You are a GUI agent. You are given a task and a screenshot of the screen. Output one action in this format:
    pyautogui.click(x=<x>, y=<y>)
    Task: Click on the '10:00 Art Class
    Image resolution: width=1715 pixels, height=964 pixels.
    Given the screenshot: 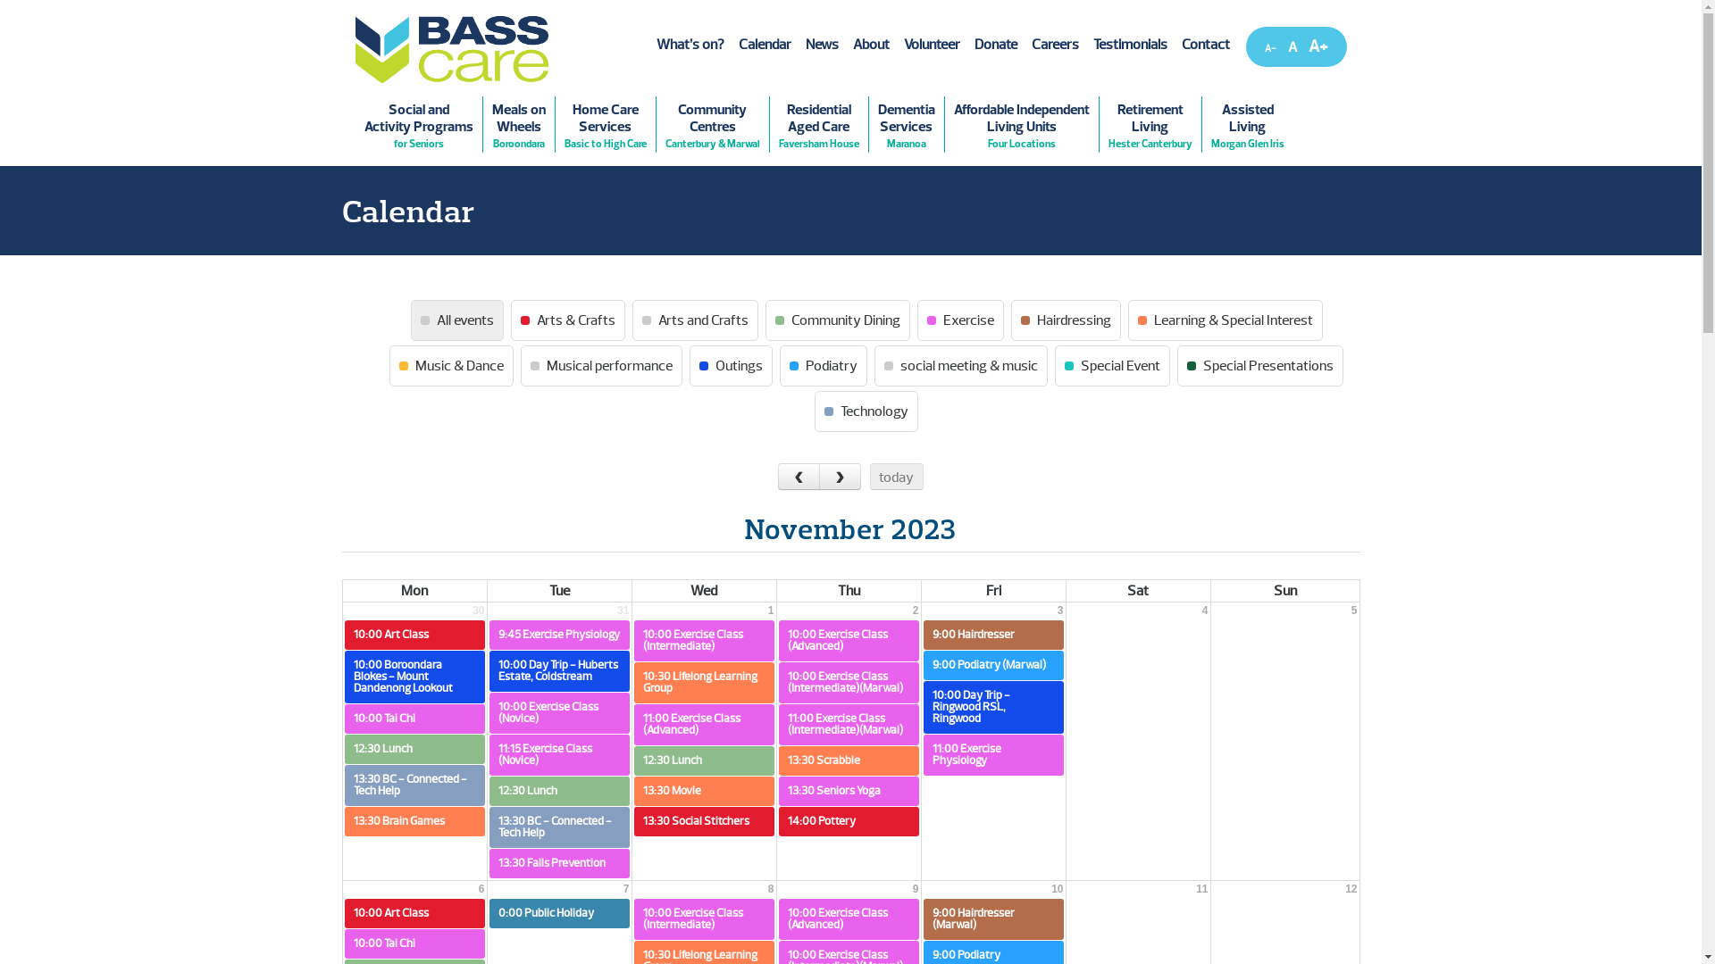 What is the action you would take?
    pyautogui.click(x=344, y=913)
    